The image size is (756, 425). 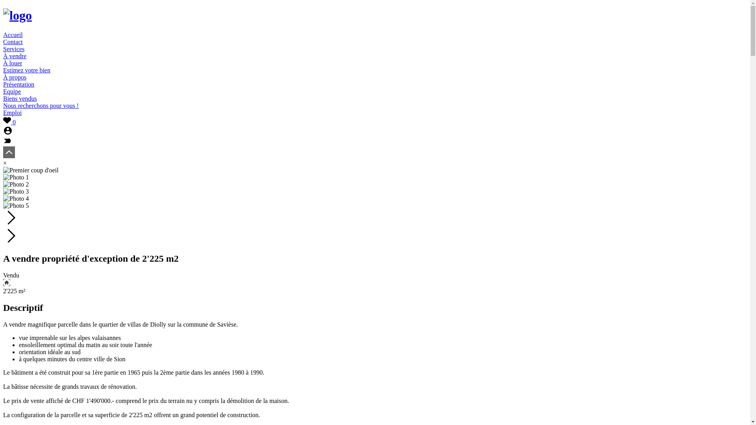 I want to click on 'Biens vendus', so click(x=20, y=98).